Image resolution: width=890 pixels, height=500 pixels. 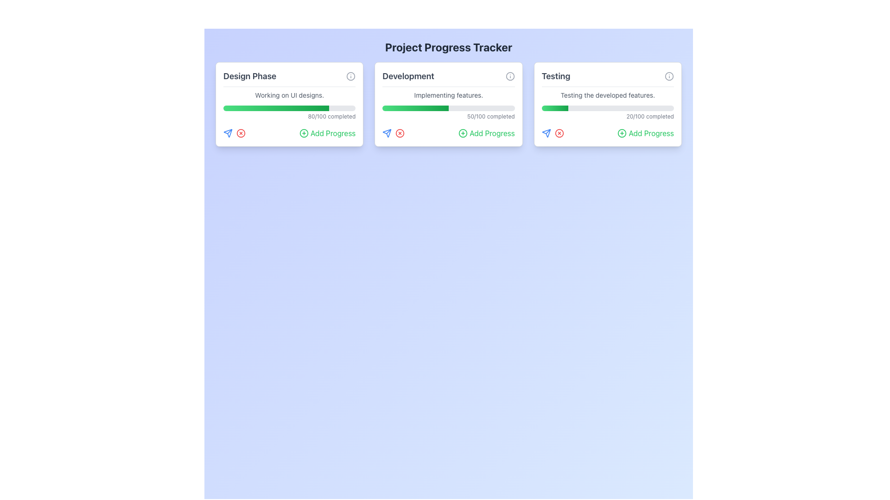 I want to click on value represented by the progress bar indicating 80% completion, located within the 'Design Phase' card below 'Working on UI designs.' and above '80/100 completed.', so click(x=289, y=108).